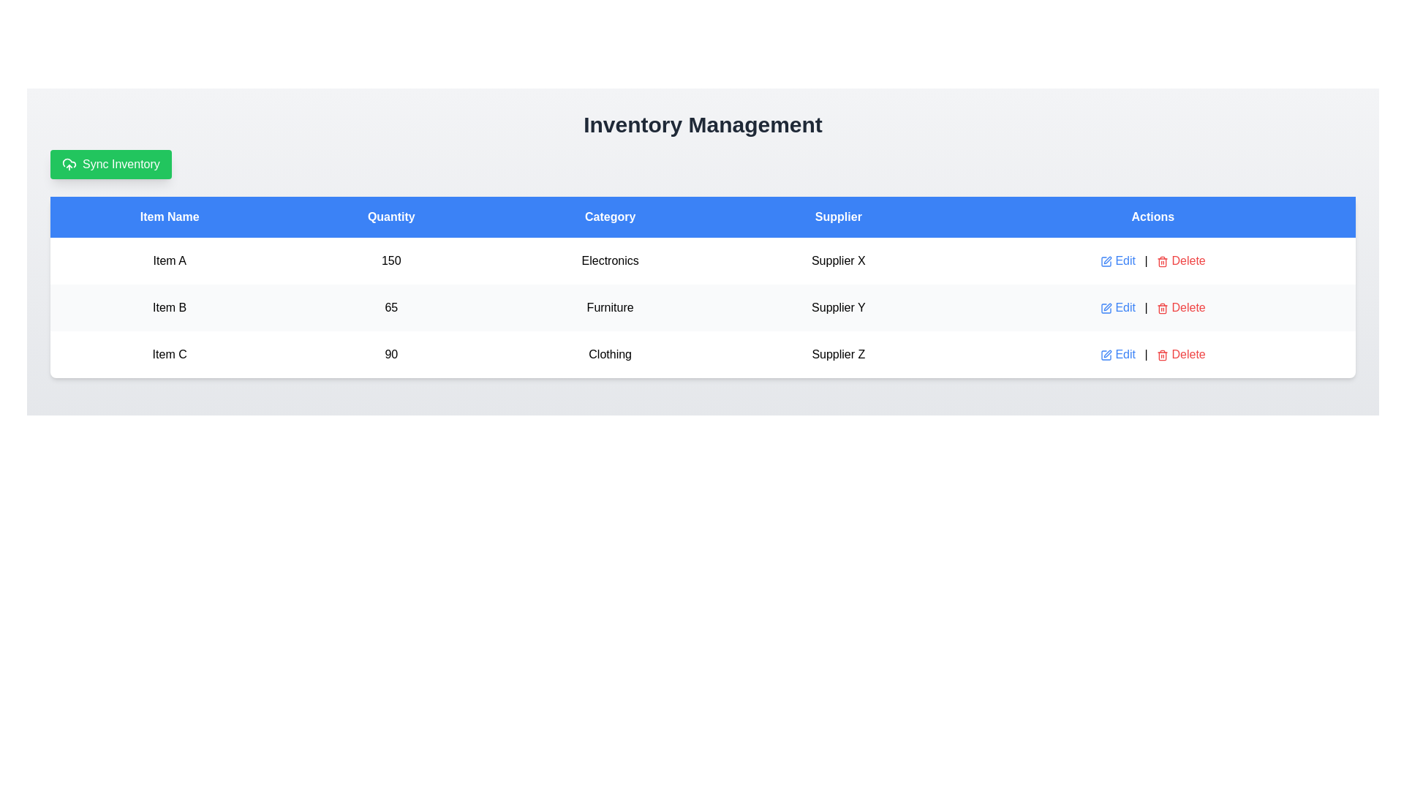  What do you see at coordinates (170, 355) in the screenshot?
I see `the text label displaying 'Item C' located in the first column of the third row under the 'Item Name' column` at bounding box center [170, 355].